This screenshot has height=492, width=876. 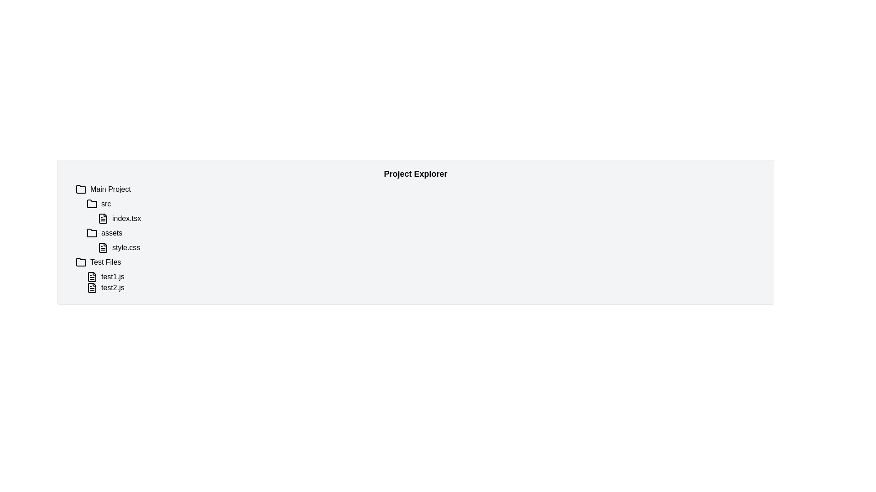 What do you see at coordinates (92, 277) in the screenshot?
I see `the leftmost icon representing the file 'test1.js' located in the 'Test Files' section of the project explorer` at bounding box center [92, 277].